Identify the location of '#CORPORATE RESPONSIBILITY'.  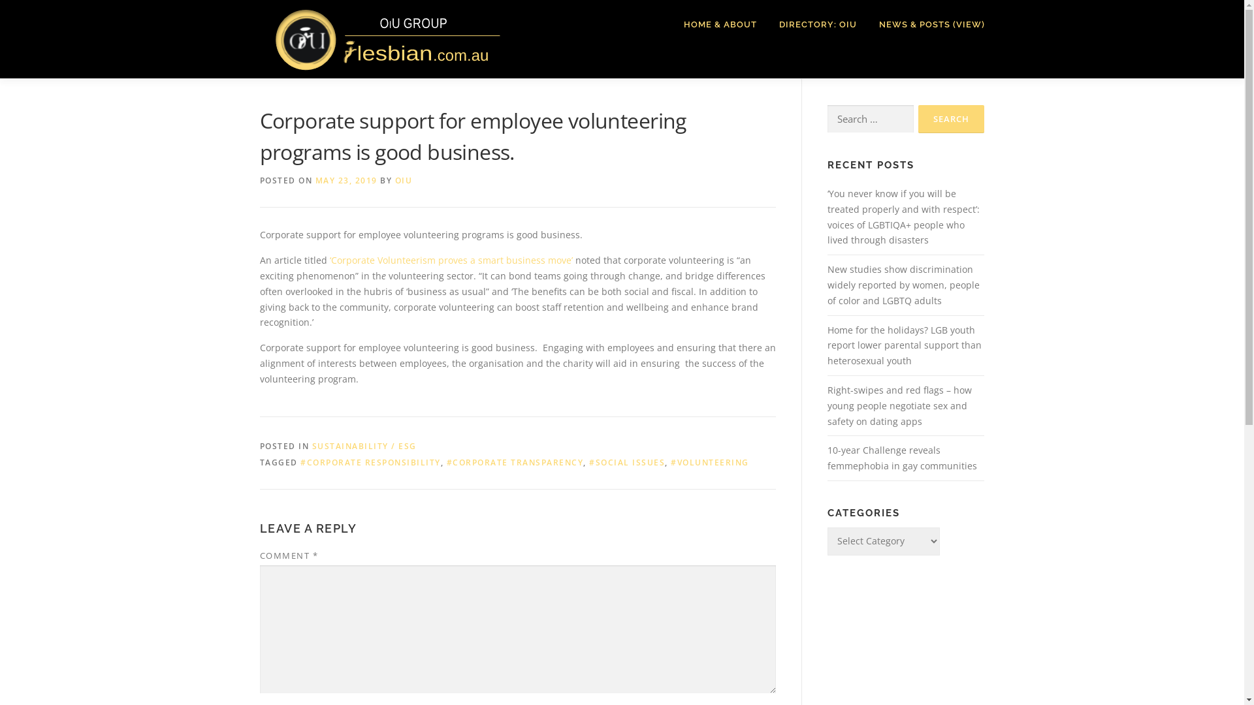
(370, 462).